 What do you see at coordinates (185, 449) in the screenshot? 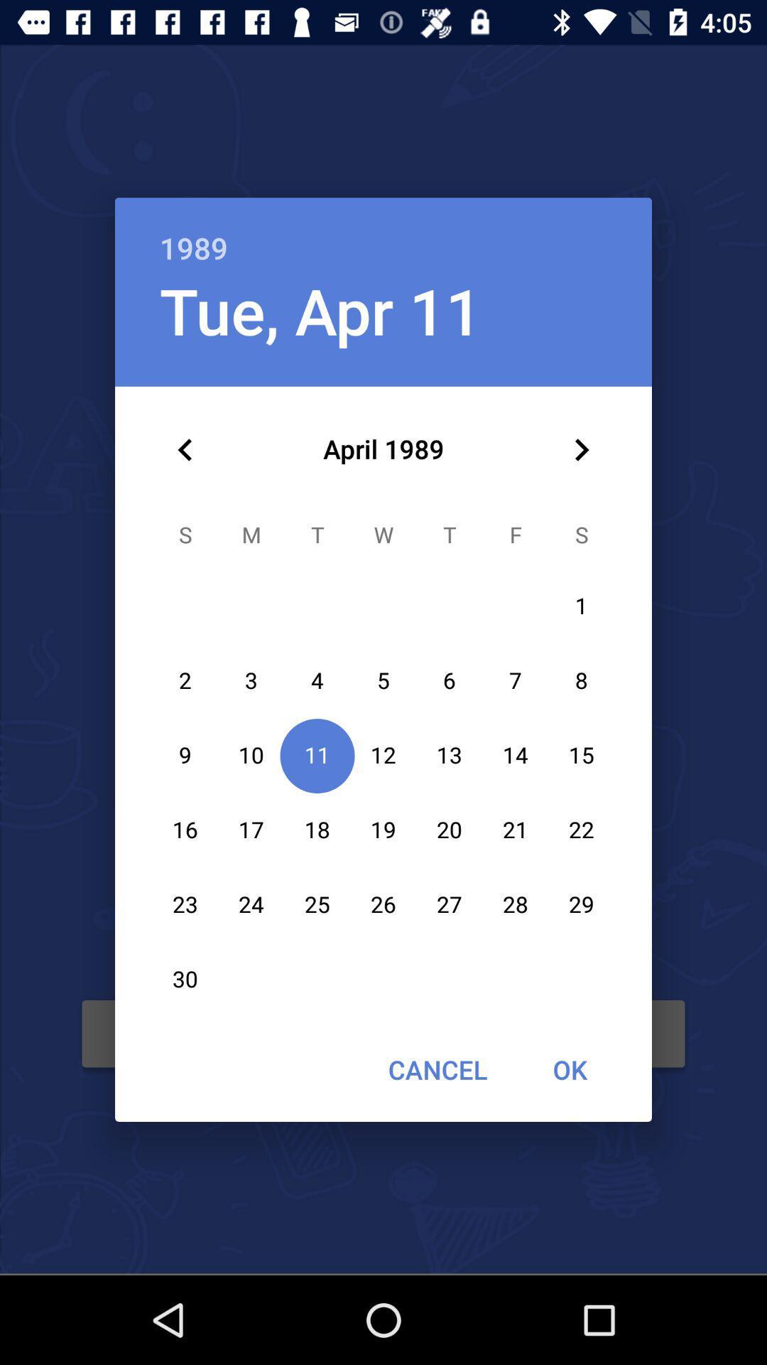
I see `the icon at the top left corner` at bounding box center [185, 449].